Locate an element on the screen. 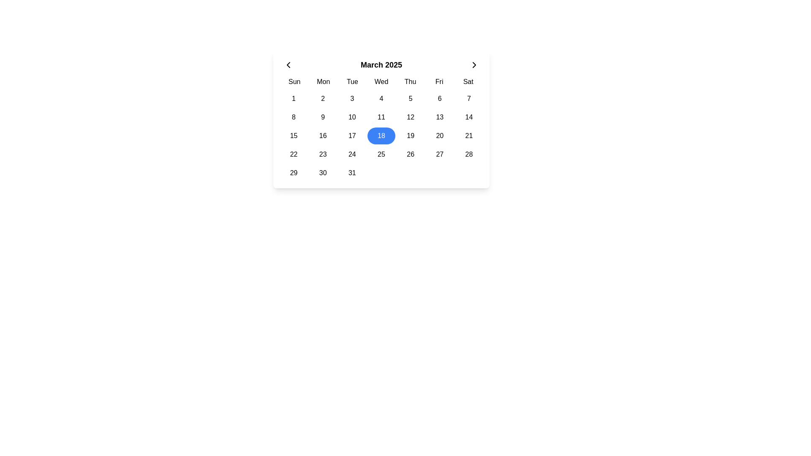  the Button element displaying '19' in bold black font, located is located at coordinates (411, 135).